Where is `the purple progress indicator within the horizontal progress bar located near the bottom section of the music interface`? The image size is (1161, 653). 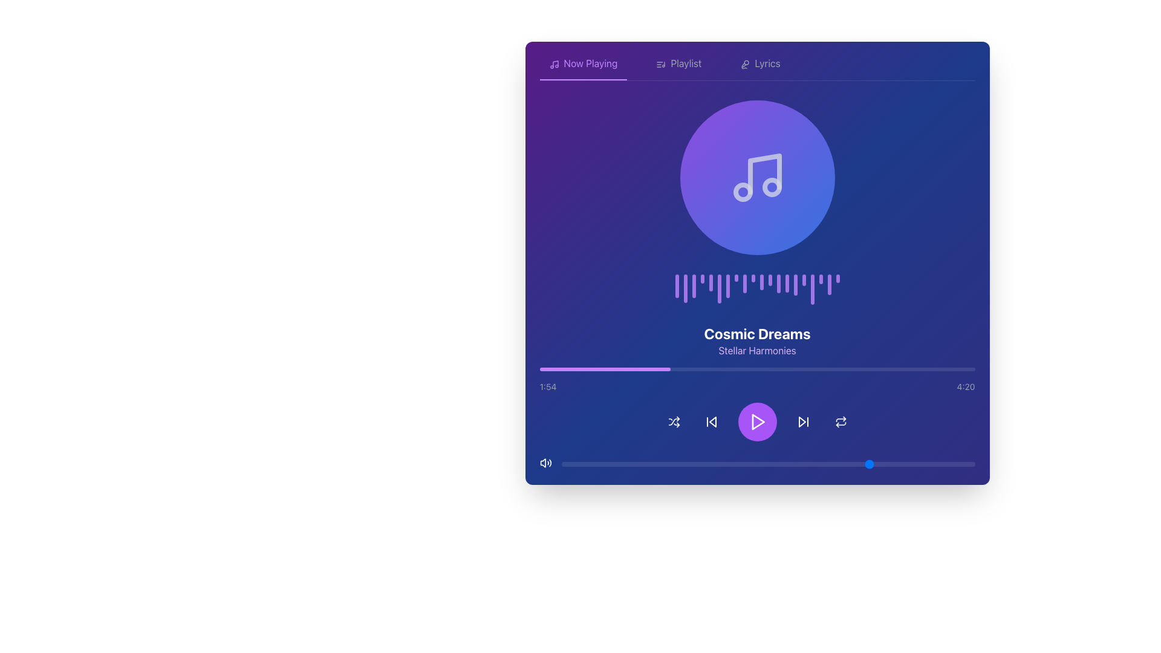 the purple progress indicator within the horizontal progress bar located near the bottom section of the music interface is located at coordinates (605, 368).